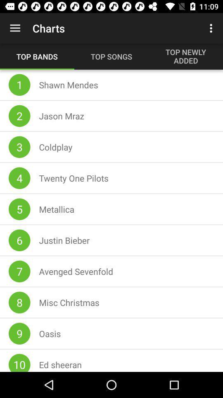  I want to click on app to the left of charts app, so click(15, 28).